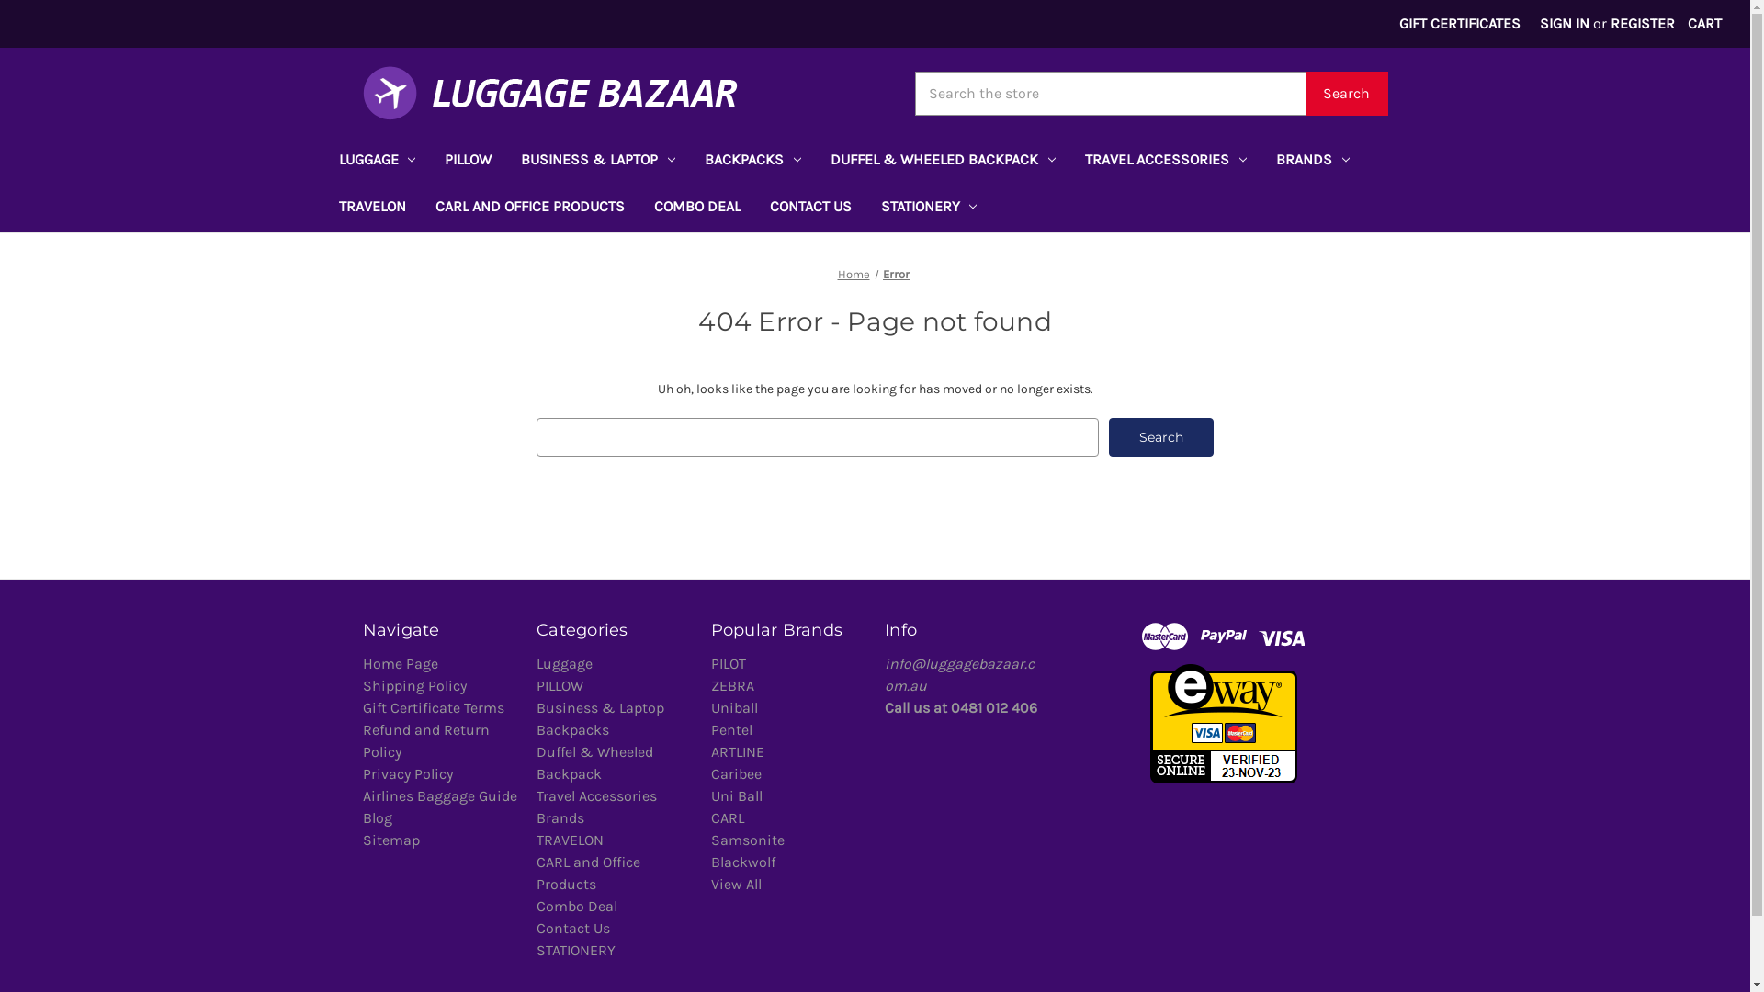 The width and height of the screenshot is (1764, 992). What do you see at coordinates (399, 663) in the screenshot?
I see `'Home Page'` at bounding box center [399, 663].